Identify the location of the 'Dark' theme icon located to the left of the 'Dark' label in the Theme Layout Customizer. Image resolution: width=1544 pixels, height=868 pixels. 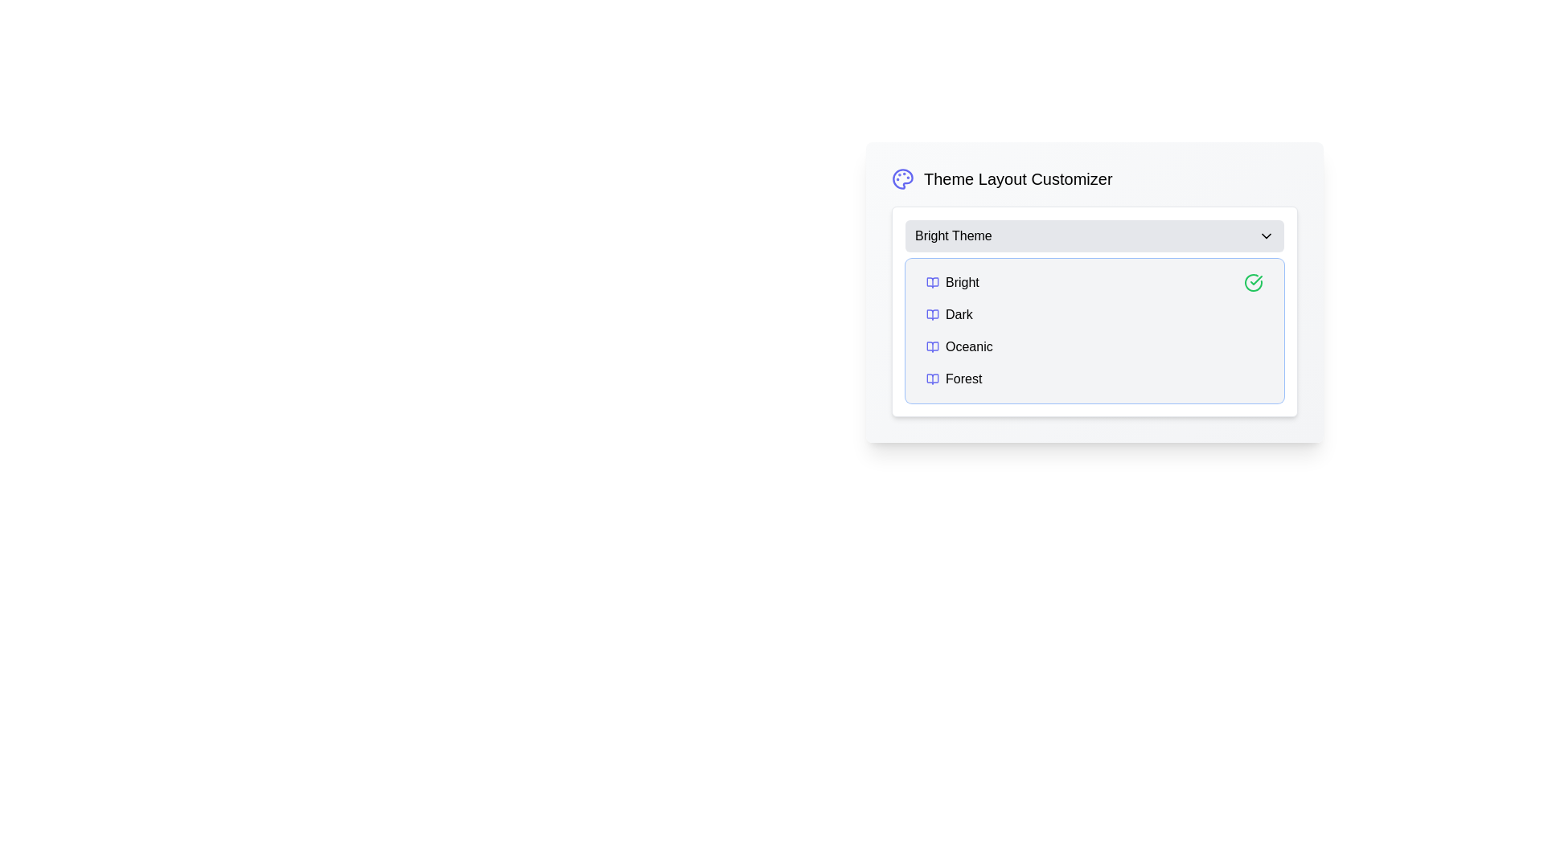
(933, 315).